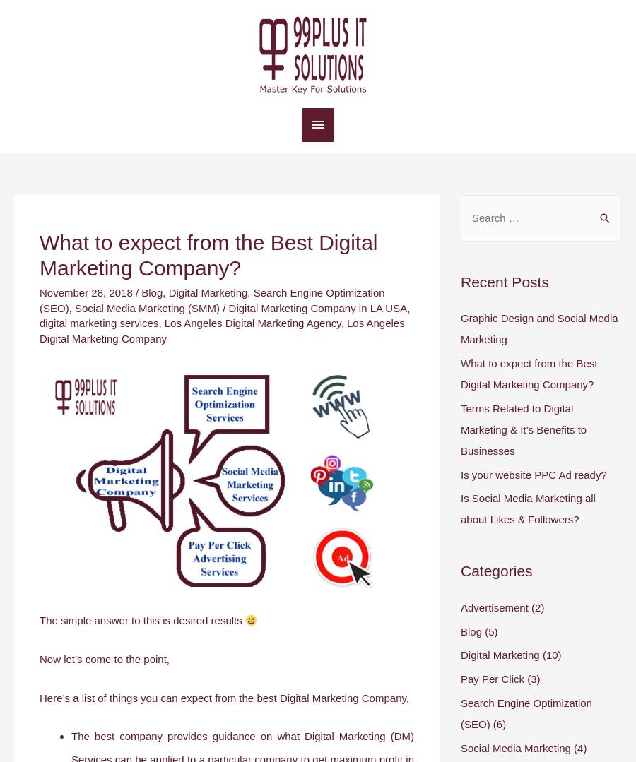 The image size is (636, 762). I want to click on 'Now let’s come to the point,', so click(104, 658).